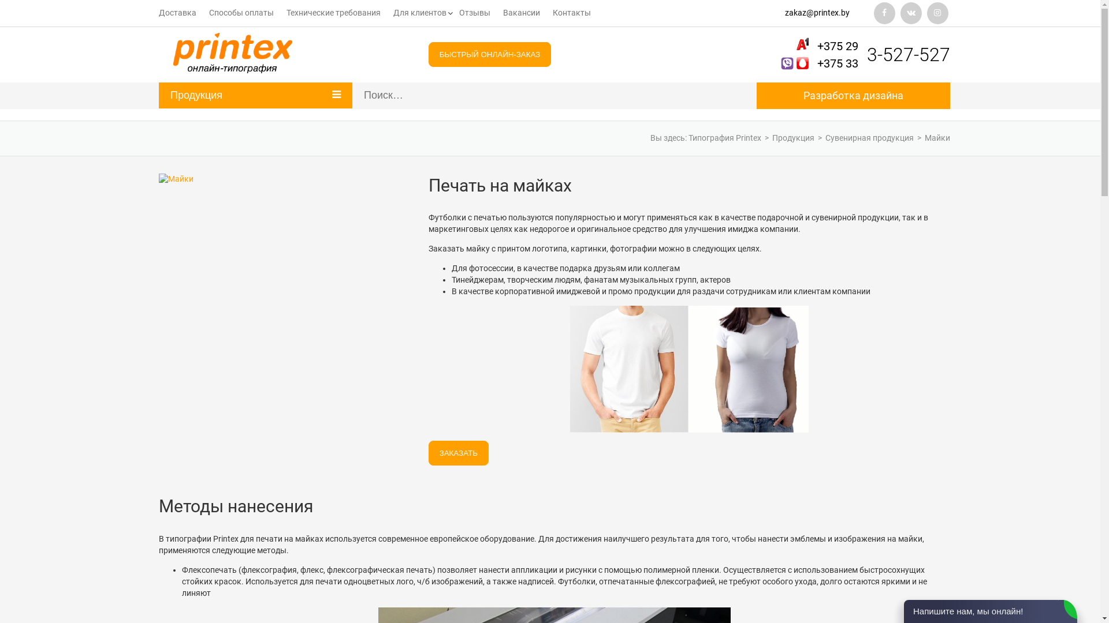 Image resolution: width=1109 pixels, height=623 pixels. What do you see at coordinates (817, 63) in the screenshot?
I see `'+375 33'` at bounding box center [817, 63].